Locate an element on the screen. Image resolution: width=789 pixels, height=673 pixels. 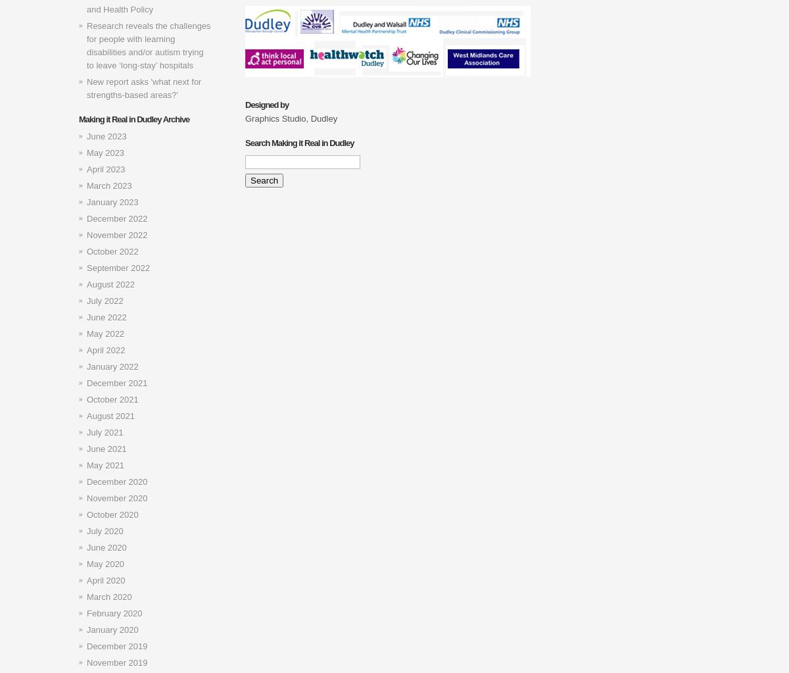
'September 2022' is located at coordinates (118, 268).